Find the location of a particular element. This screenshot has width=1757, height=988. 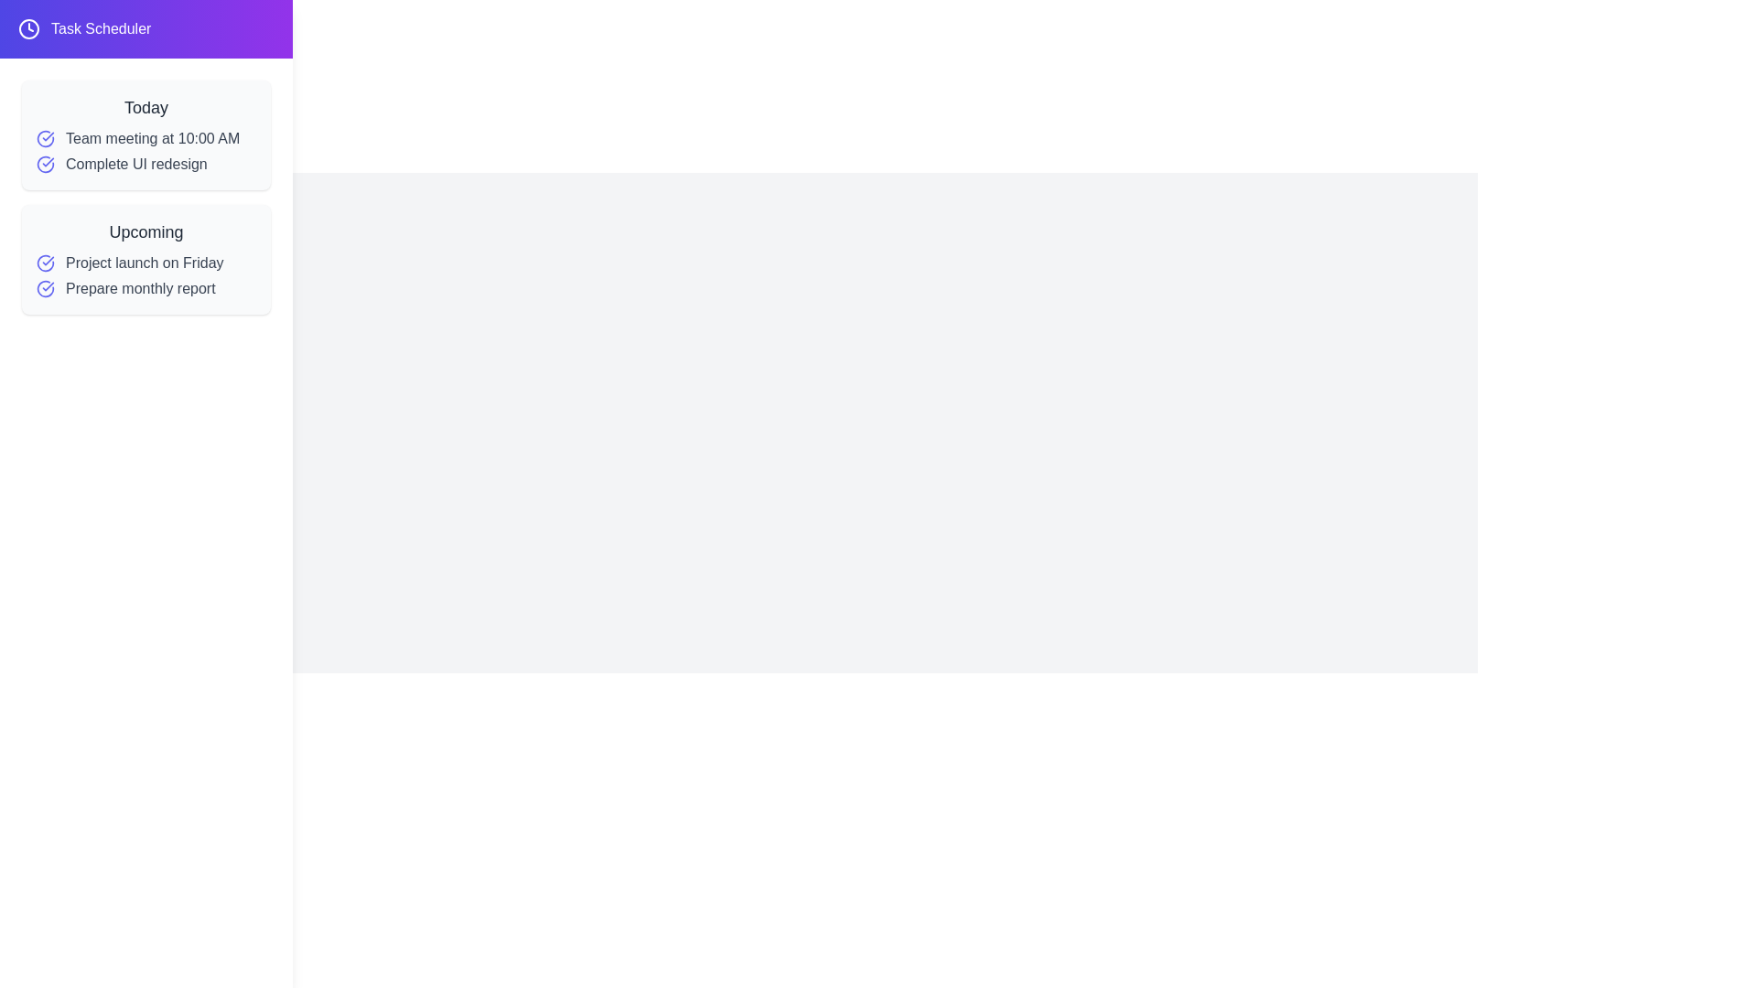

the button to toggle the visibility of the drawer is located at coordinates (48, 50).